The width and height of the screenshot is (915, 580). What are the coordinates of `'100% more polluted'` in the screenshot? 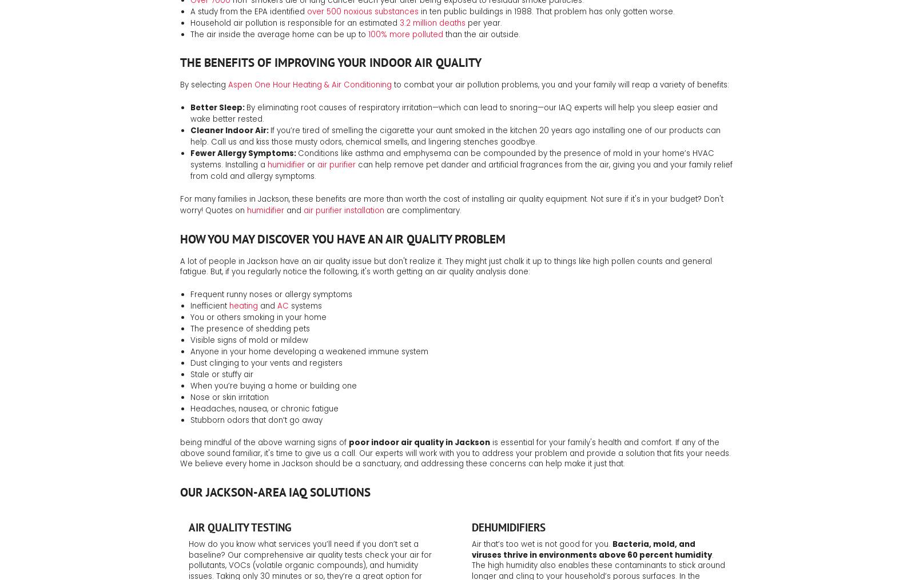 It's located at (368, 33).